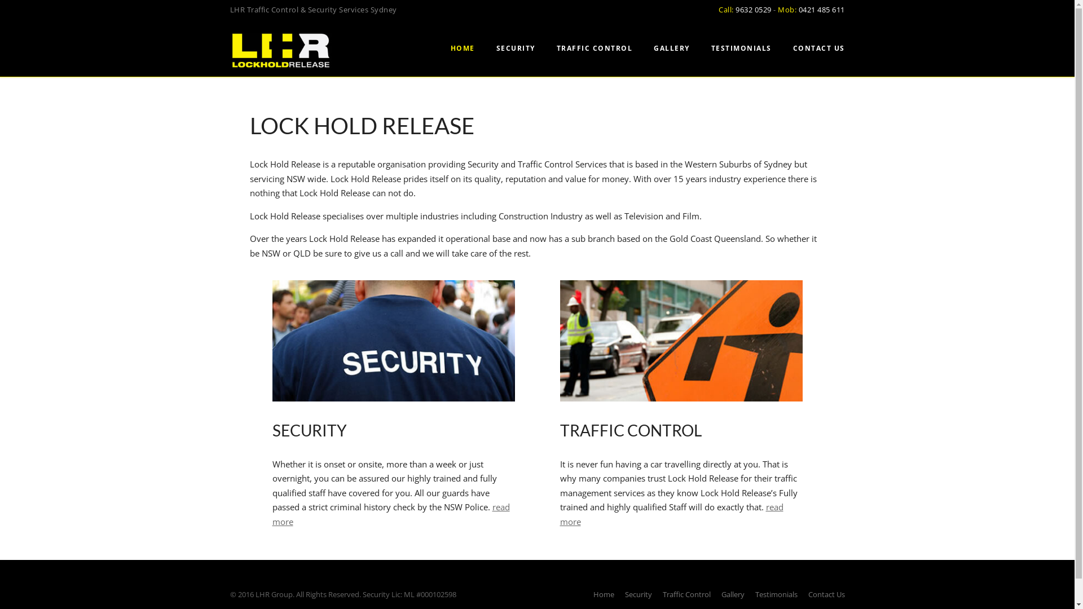  Describe the element at coordinates (826, 593) in the screenshot. I see `'Contact Us'` at that location.